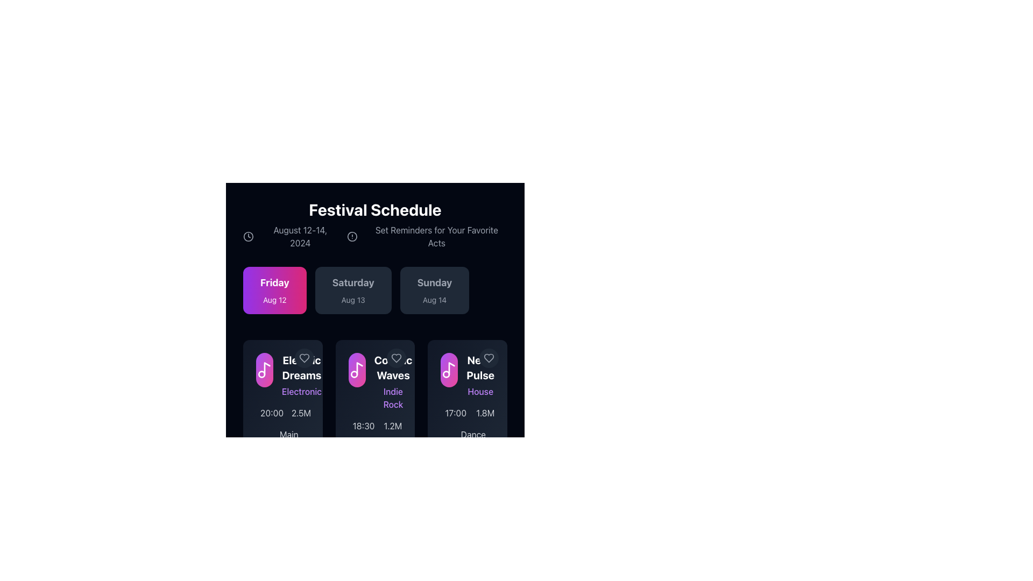  What do you see at coordinates (300, 236) in the screenshot?
I see `the static text label that displays the event dates, located in the upper section of the interface, positioned between a clock icon and the title 'Set Reminders for Your Favorite Acts'` at bounding box center [300, 236].